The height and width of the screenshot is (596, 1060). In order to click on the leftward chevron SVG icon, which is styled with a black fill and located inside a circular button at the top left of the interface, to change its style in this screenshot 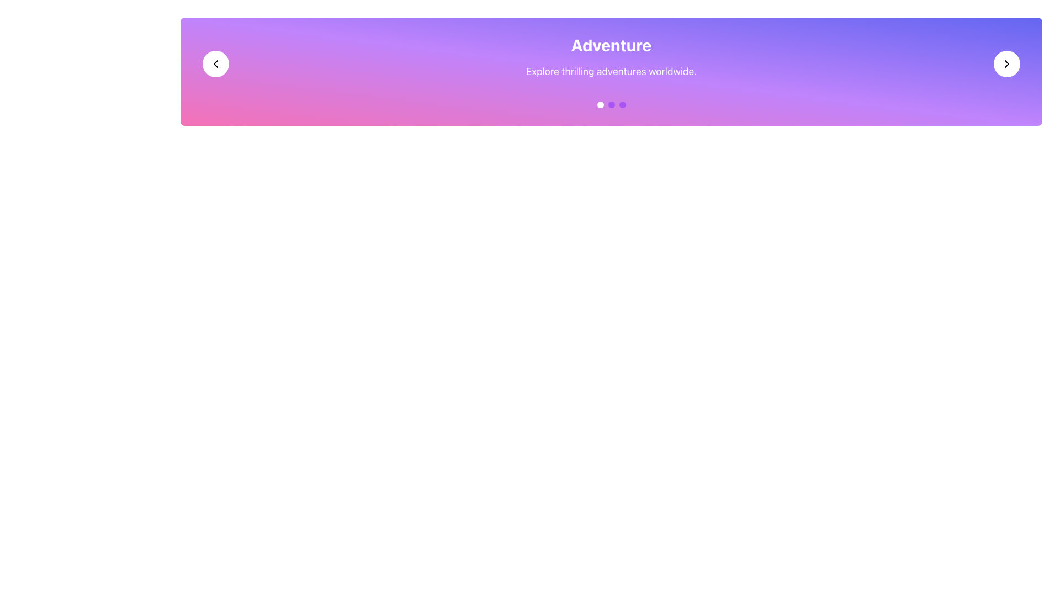, I will do `click(215, 63)`.